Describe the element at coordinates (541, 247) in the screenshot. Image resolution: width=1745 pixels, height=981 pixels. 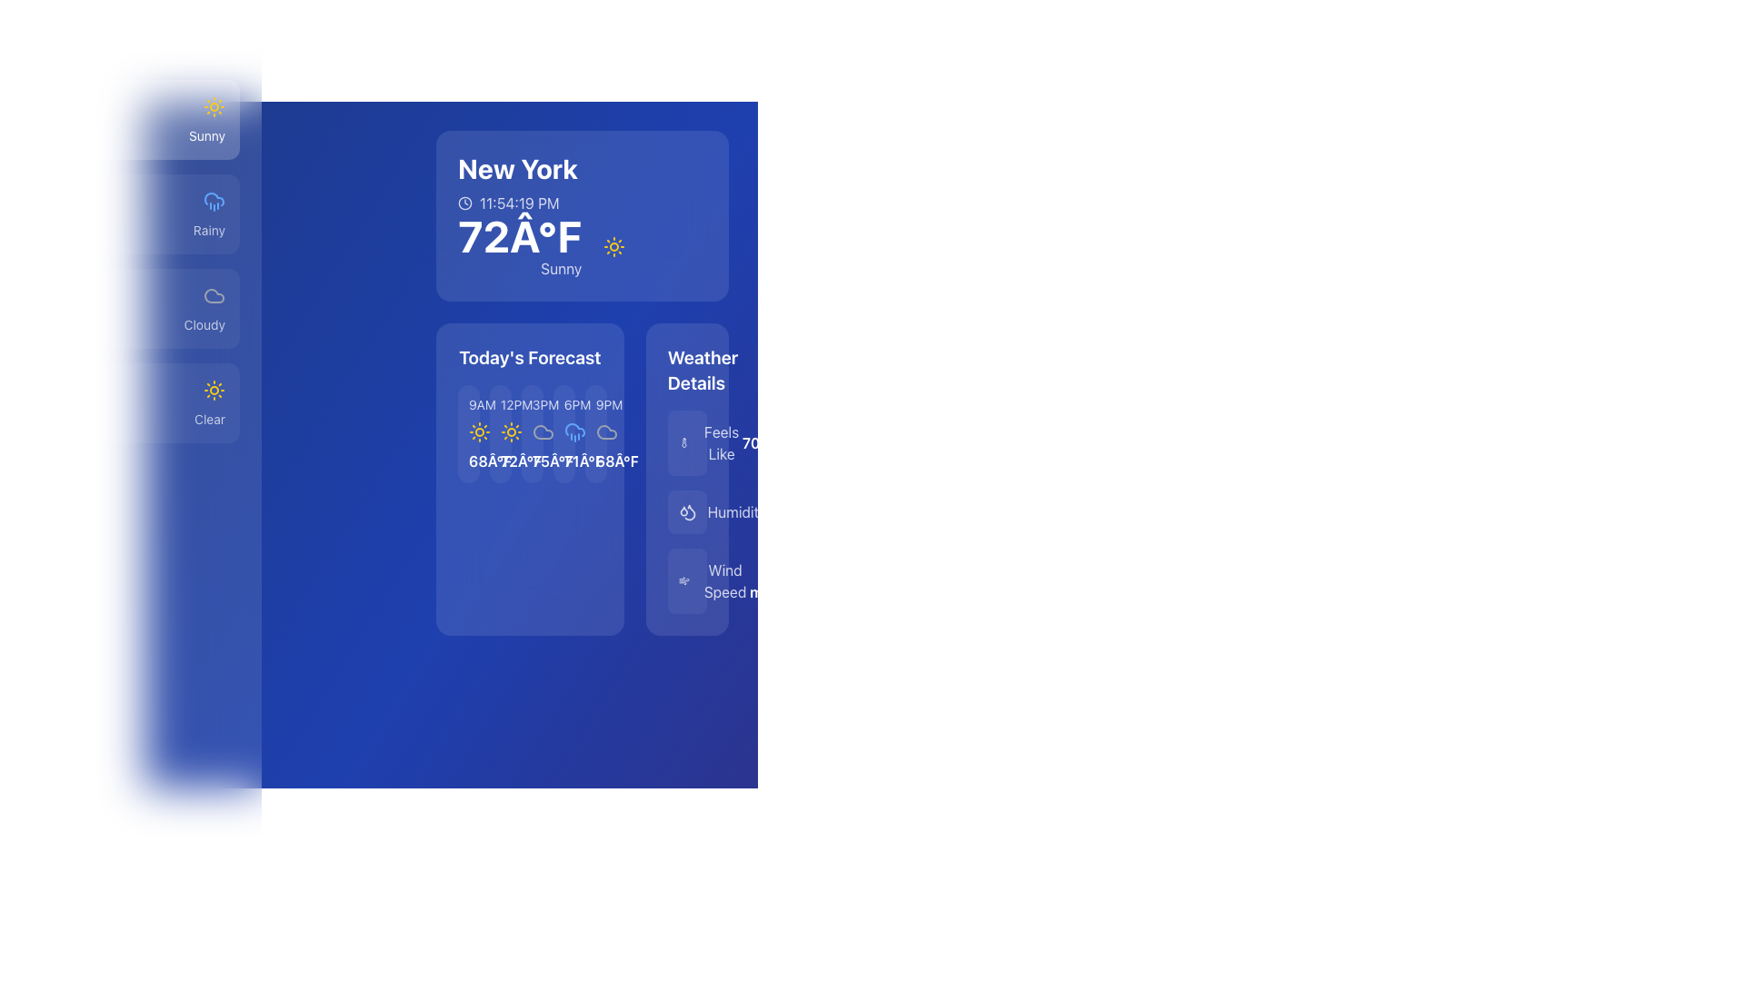
I see `the static informational display showing the current temperature and weather condition for 'New York'` at that location.